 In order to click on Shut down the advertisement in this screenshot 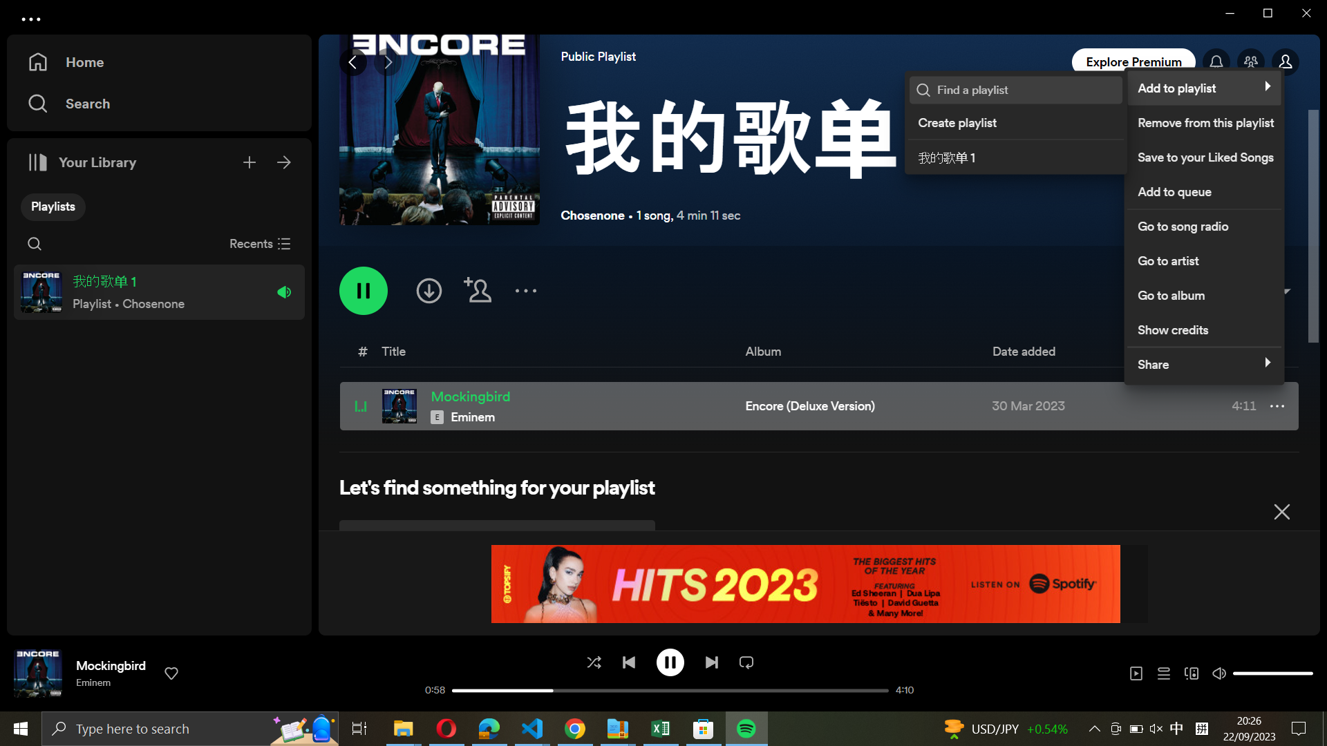, I will do `click(1281, 509)`.